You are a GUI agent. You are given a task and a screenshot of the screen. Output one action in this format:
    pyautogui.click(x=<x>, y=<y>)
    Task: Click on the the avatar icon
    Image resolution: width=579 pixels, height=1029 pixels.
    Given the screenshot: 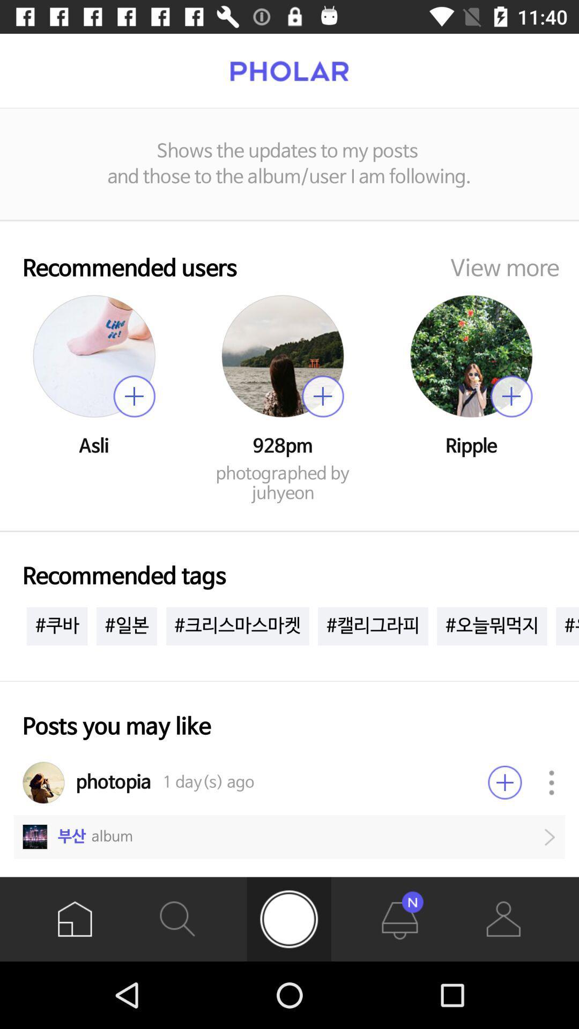 What is the action you would take?
    pyautogui.click(x=503, y=918)
    